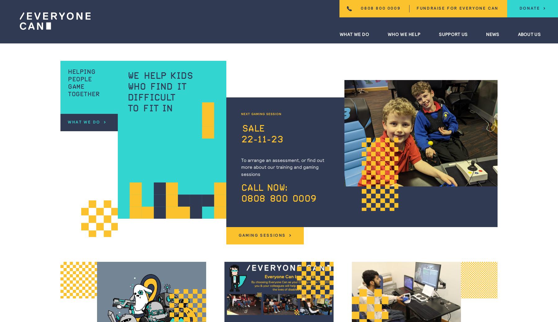  Describe the element at coordinates (263, 235) in the screenshot. I see `'Gaming Sessions'` at that location.